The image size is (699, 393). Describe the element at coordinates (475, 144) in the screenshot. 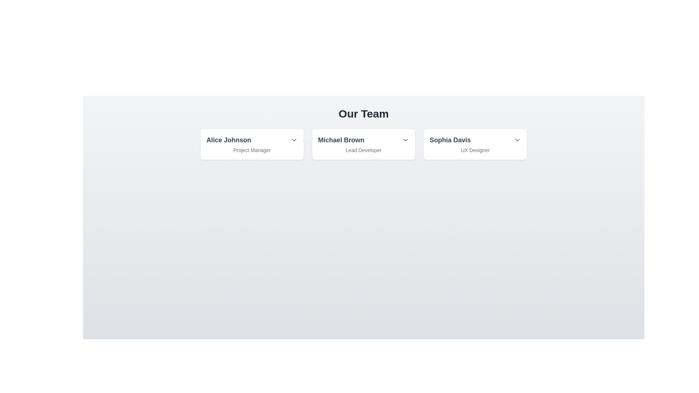

I see `the Card displaying 'Sophia Davis' and 'UX Designer' with a white background and rounded corners, located in the third column under 'Our Team'` at that location.